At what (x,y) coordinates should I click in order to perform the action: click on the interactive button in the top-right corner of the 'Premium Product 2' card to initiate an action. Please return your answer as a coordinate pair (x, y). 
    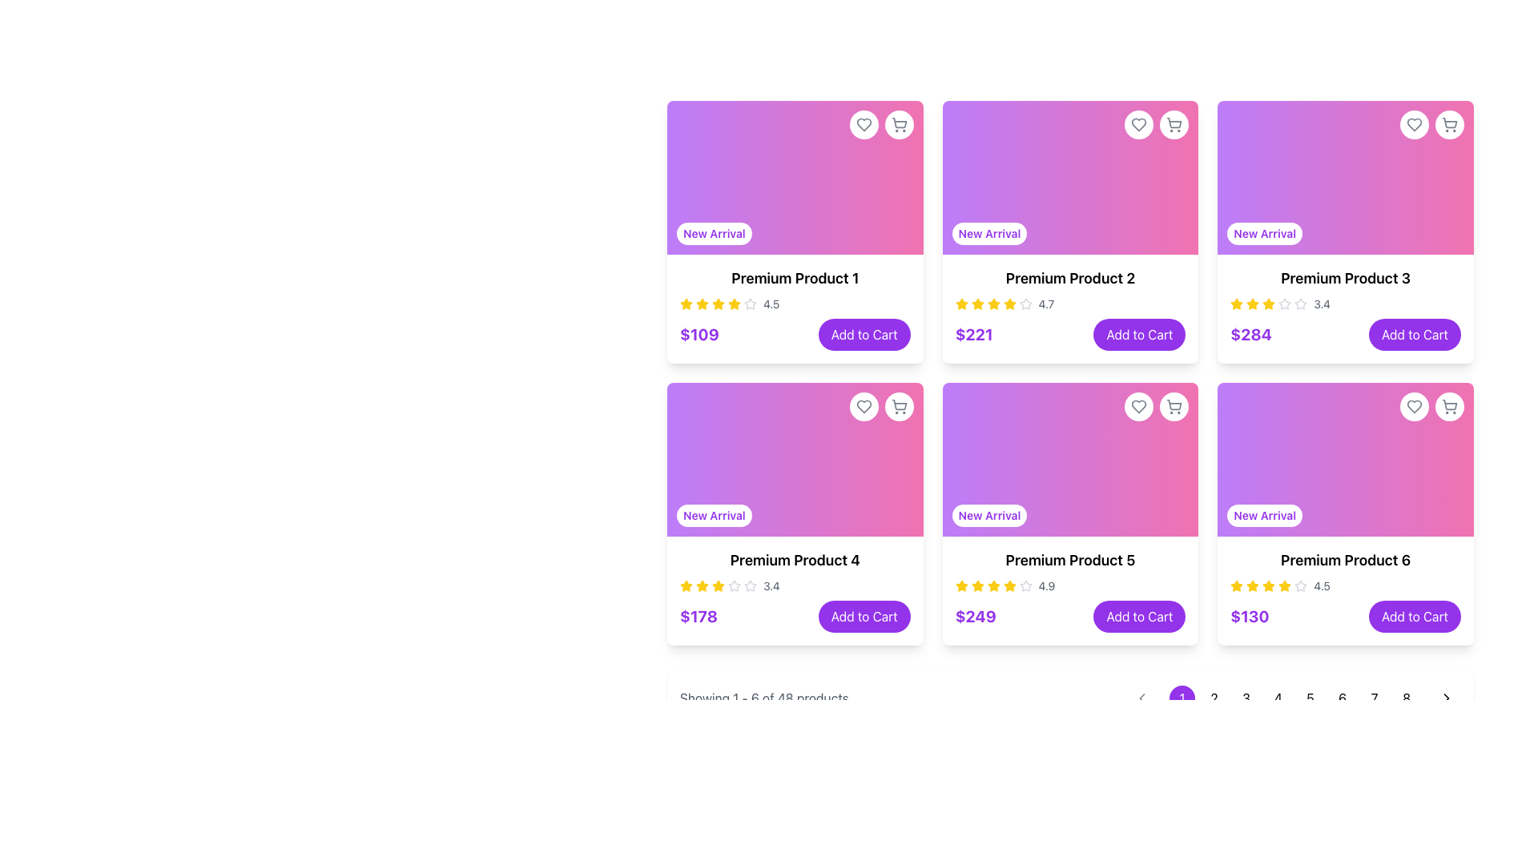
    Looking at the image, I should click on (1157, 123).